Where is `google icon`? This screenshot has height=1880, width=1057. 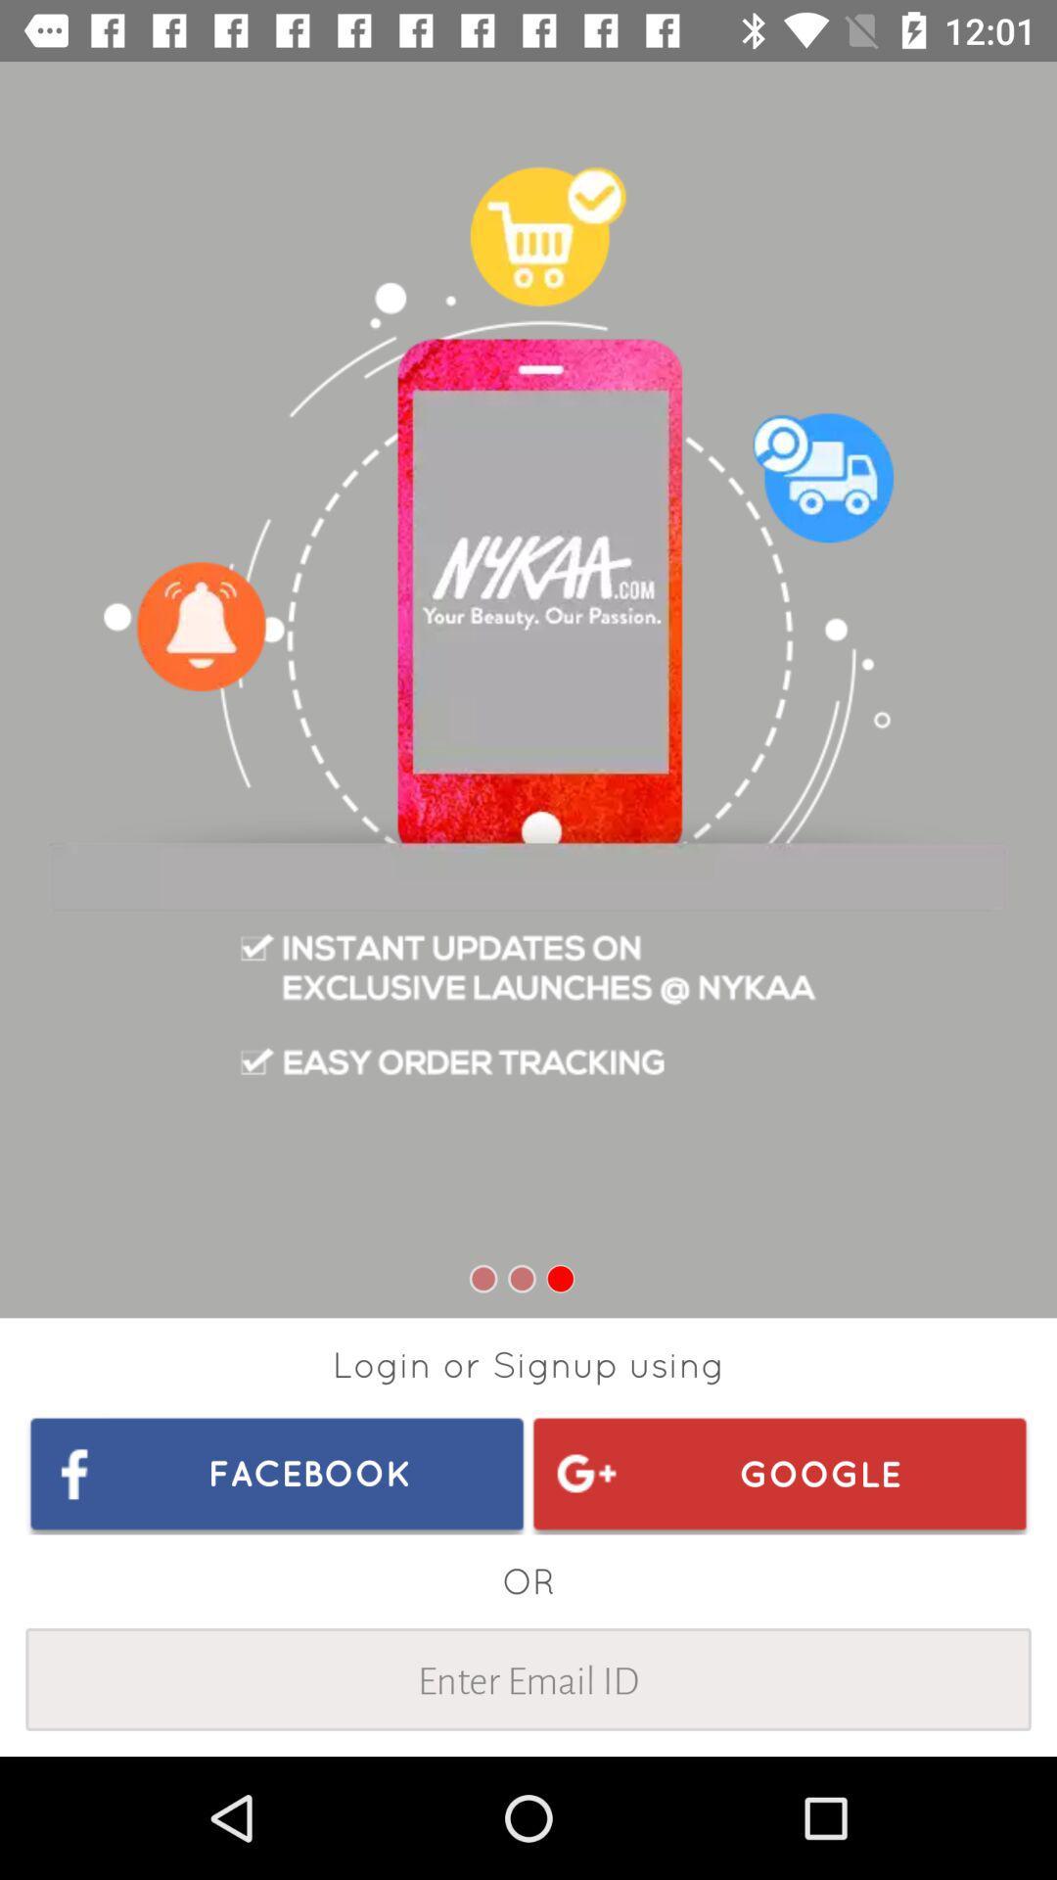 google icon is located at coordinates (778, 1473).